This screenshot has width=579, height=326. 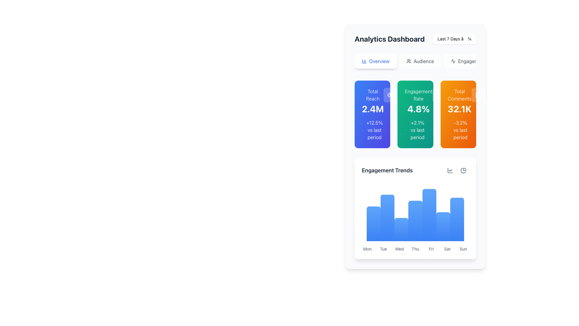 I want to click on the thumbs-up icon button located within the 'Engagement Rate' section, so click(x=439, y=95).